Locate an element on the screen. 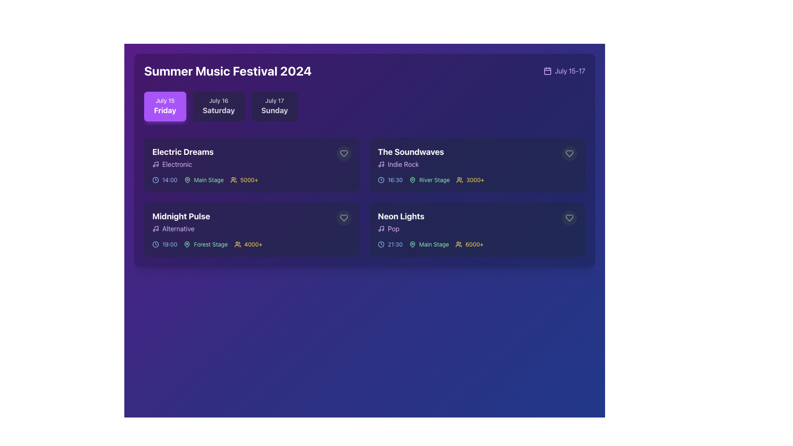  the green map pin icon located to the left of the text 'River Stage' within the card labeled 'The Soundwaves' is located at coordinates (413, 179).